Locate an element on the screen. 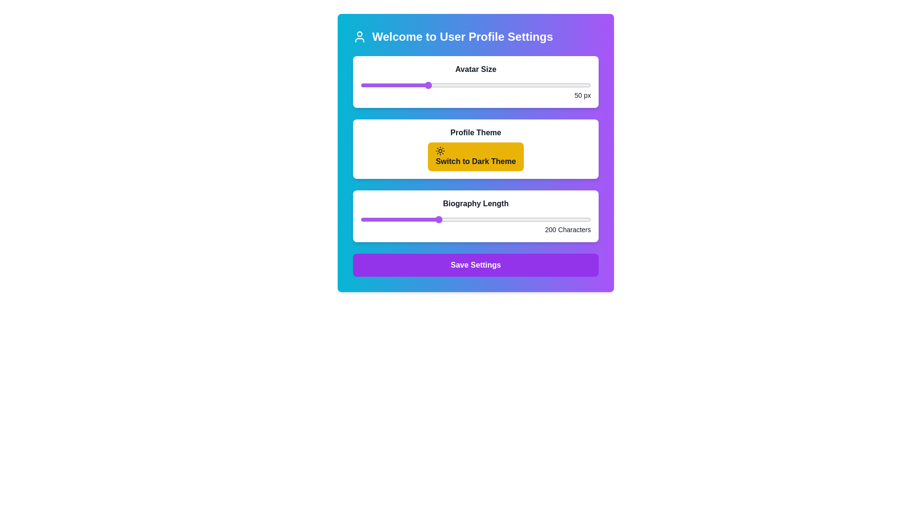  the static text displaying '200 Characters', which is positioned at the bottom-right of the 'Biography Length' component, aligned to the right of a slider is located at coordinates (476, 229).